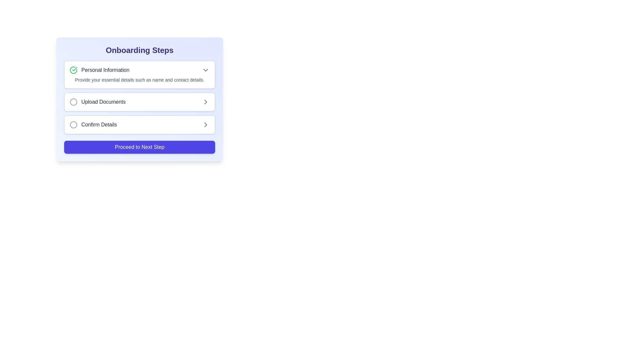 Image resolution: width=625 pixels, height=351 pixels. I want to click on the Circle icon that indicates an incomplete step in the checklist, located next to the label 'Confirm Details' in the third list item of the 'Onboarding Steps' card interface, so click(73, 125).